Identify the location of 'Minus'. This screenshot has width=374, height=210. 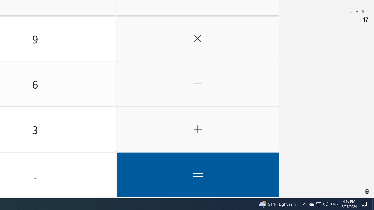
(198, 84).